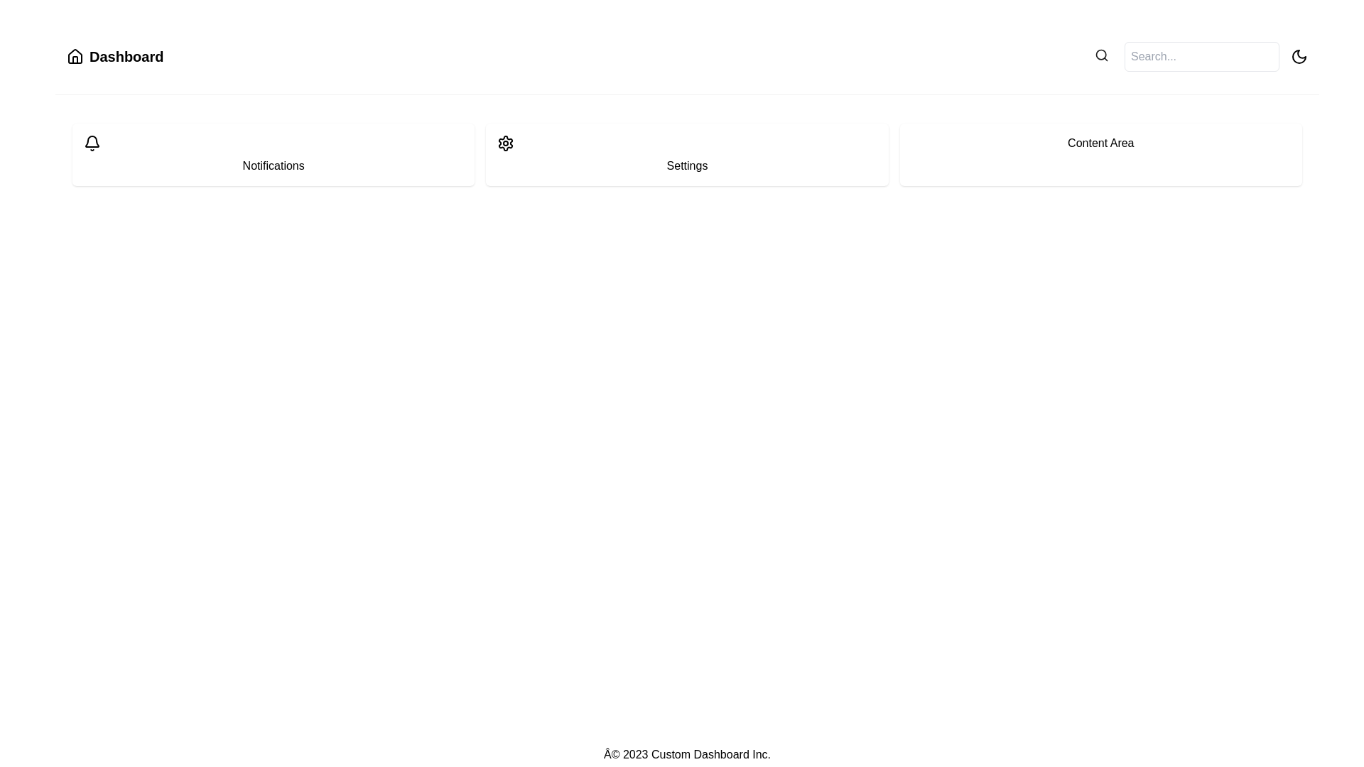 The height and width of the screenshot is (767, 1364). Describe the element at coordinates (115, 56) in the screenshot. I see `the navigational label with an icon located at the upper left section of the interface, which indicates access to the dashboard section of the application` at that location.